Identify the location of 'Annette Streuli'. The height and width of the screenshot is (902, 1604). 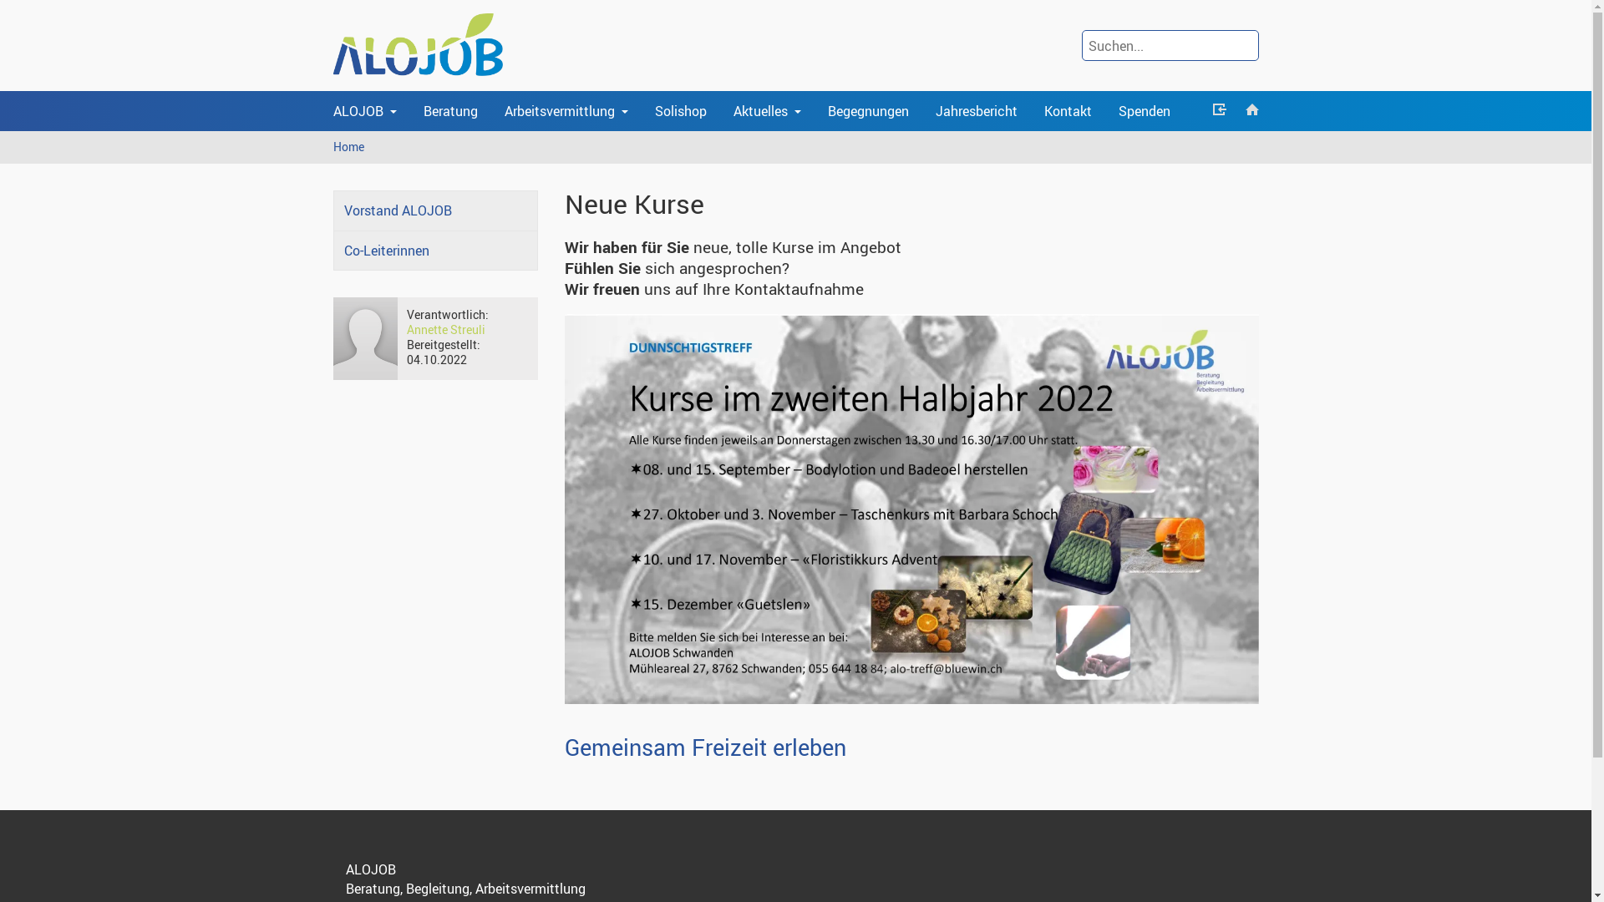
(445, 329).